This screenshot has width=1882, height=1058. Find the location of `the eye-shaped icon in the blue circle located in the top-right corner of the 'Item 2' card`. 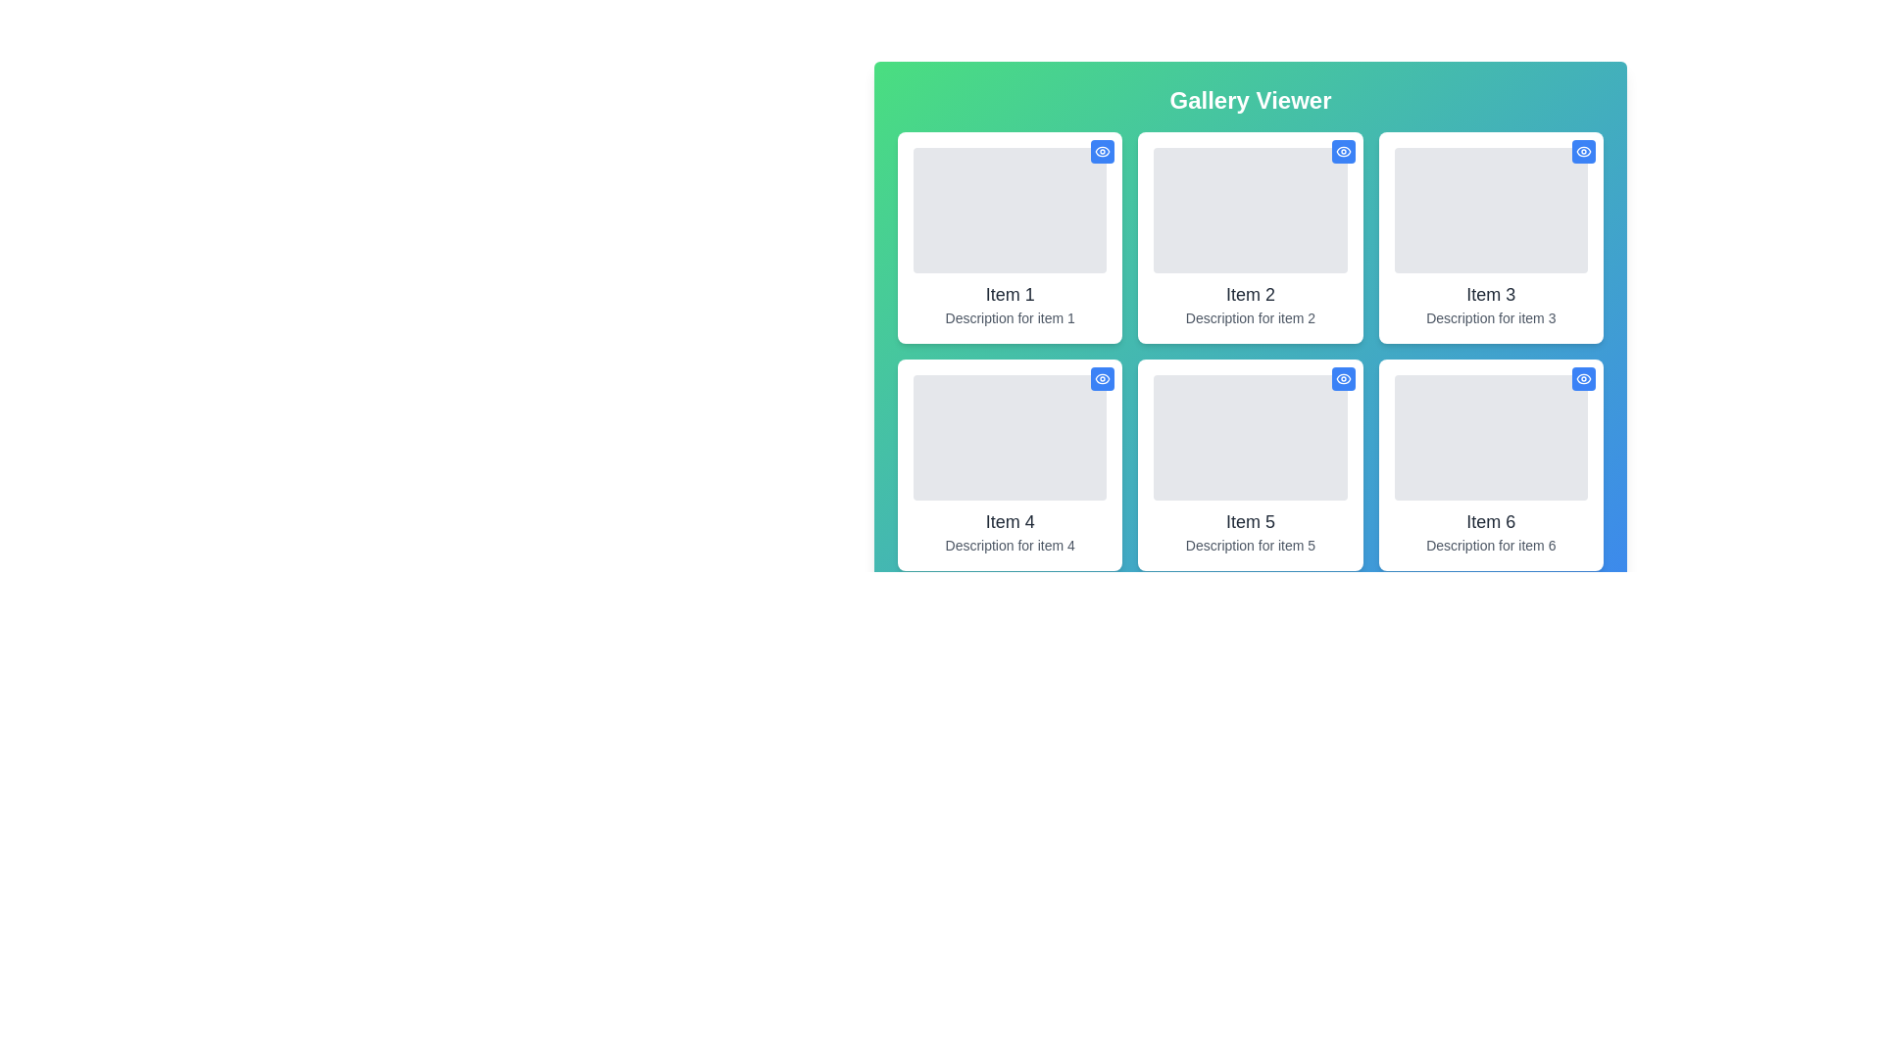

the eye-shaped icon in the blue circle located in the top-right corner of the 'Item 2' card is located at coordinates (1342, 150).